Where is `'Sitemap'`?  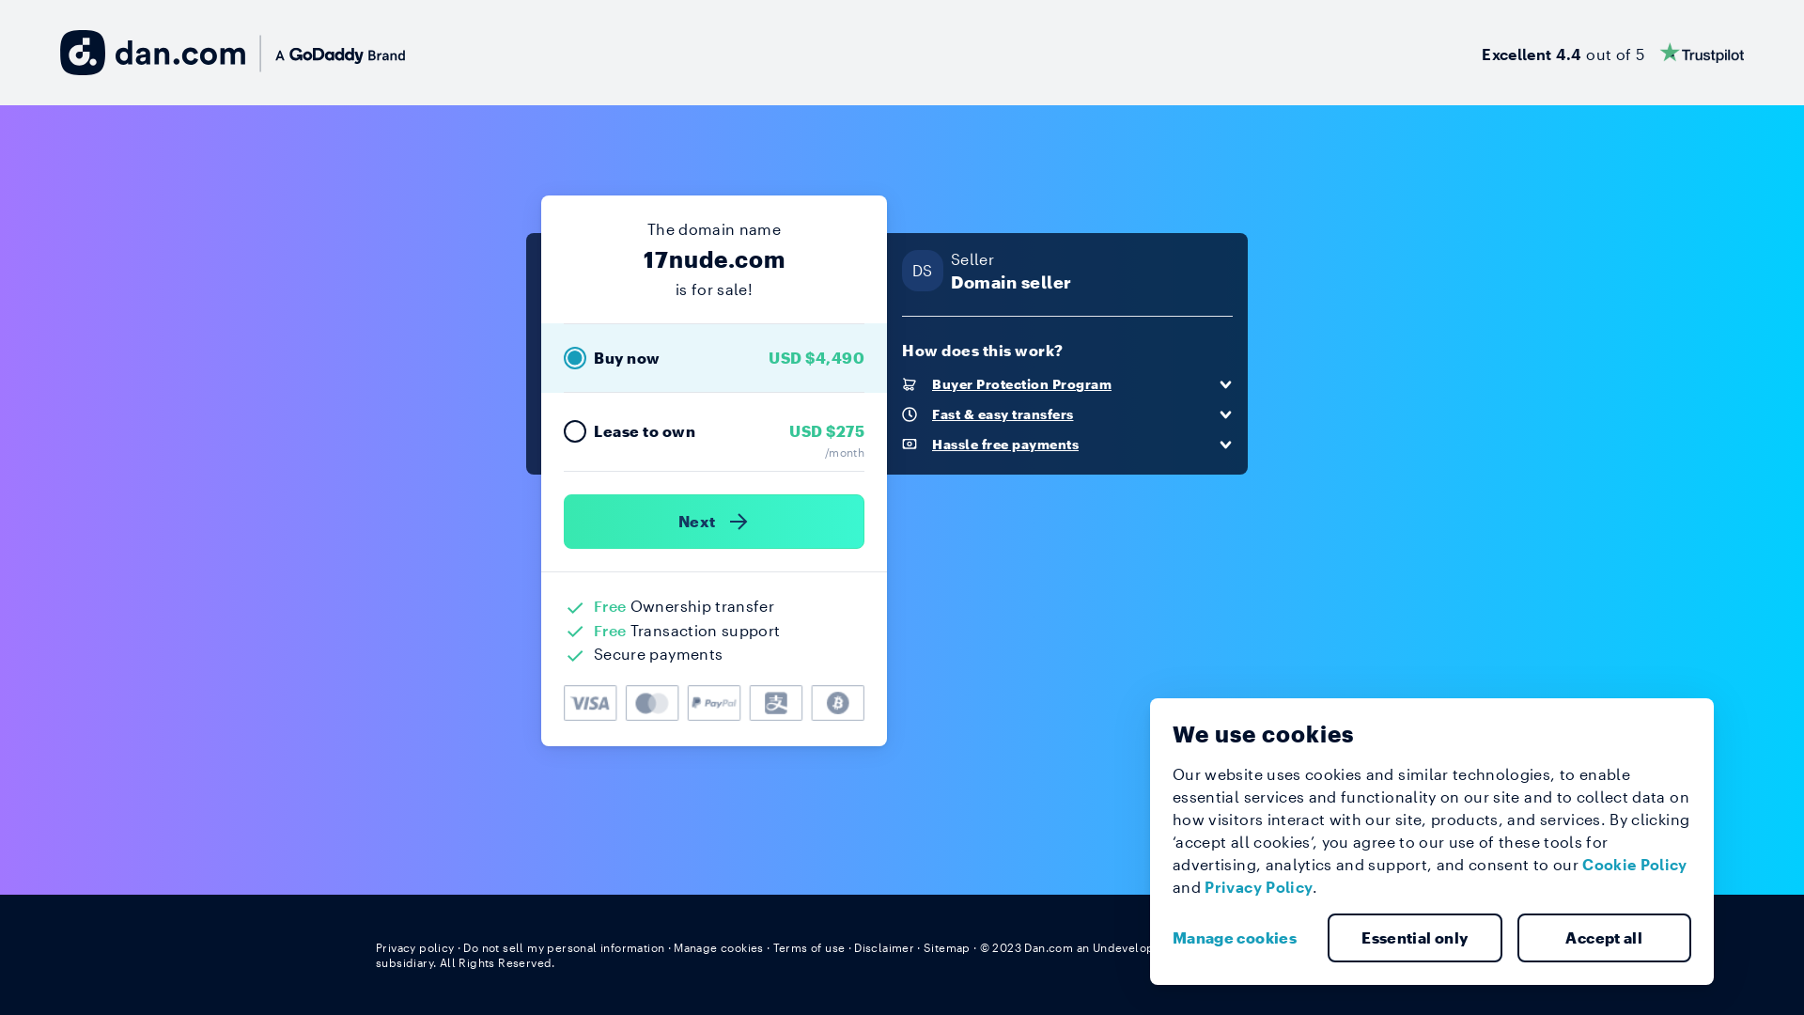
'Sitemap' is located at coordinates (947, 946).